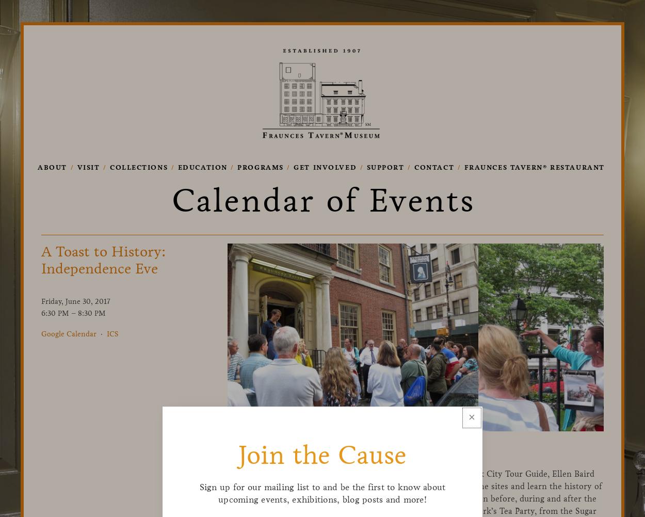  I want to click on 'Google Calendar', so click(69, 333).